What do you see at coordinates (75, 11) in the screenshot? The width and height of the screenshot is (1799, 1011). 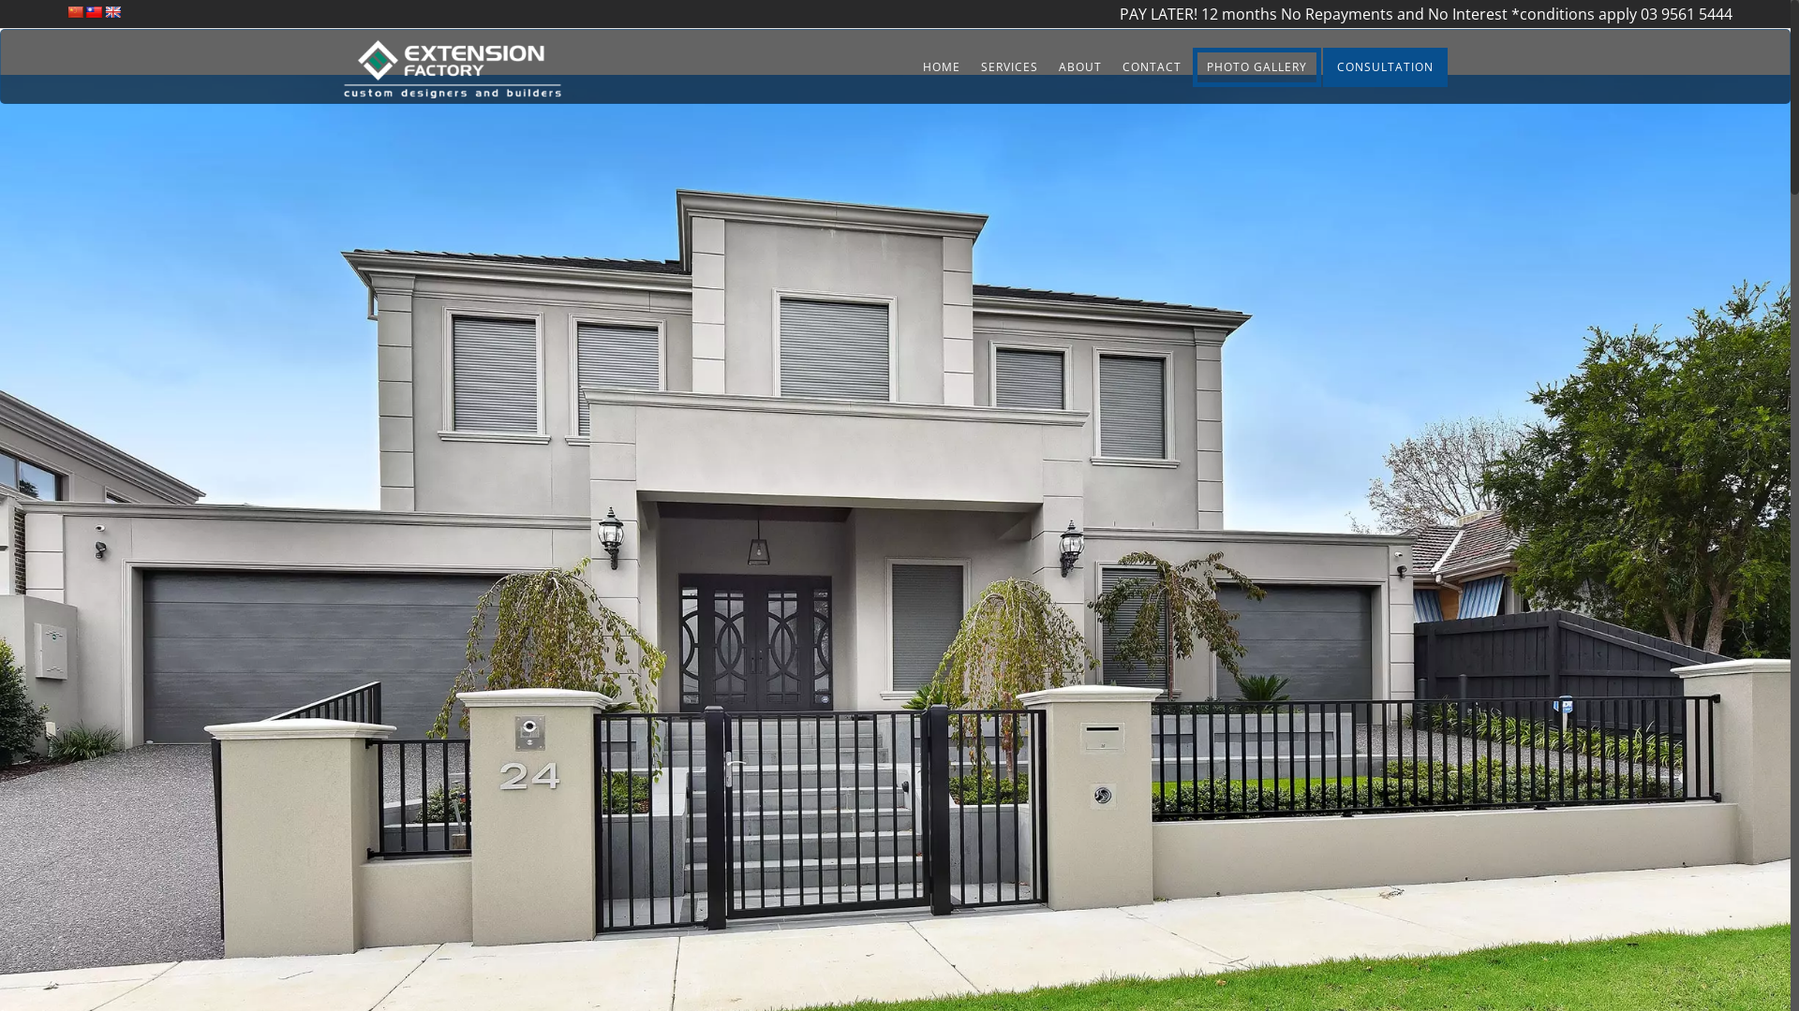 I see `'Chinese (Simplified)'` at bounding box center [75, 11].